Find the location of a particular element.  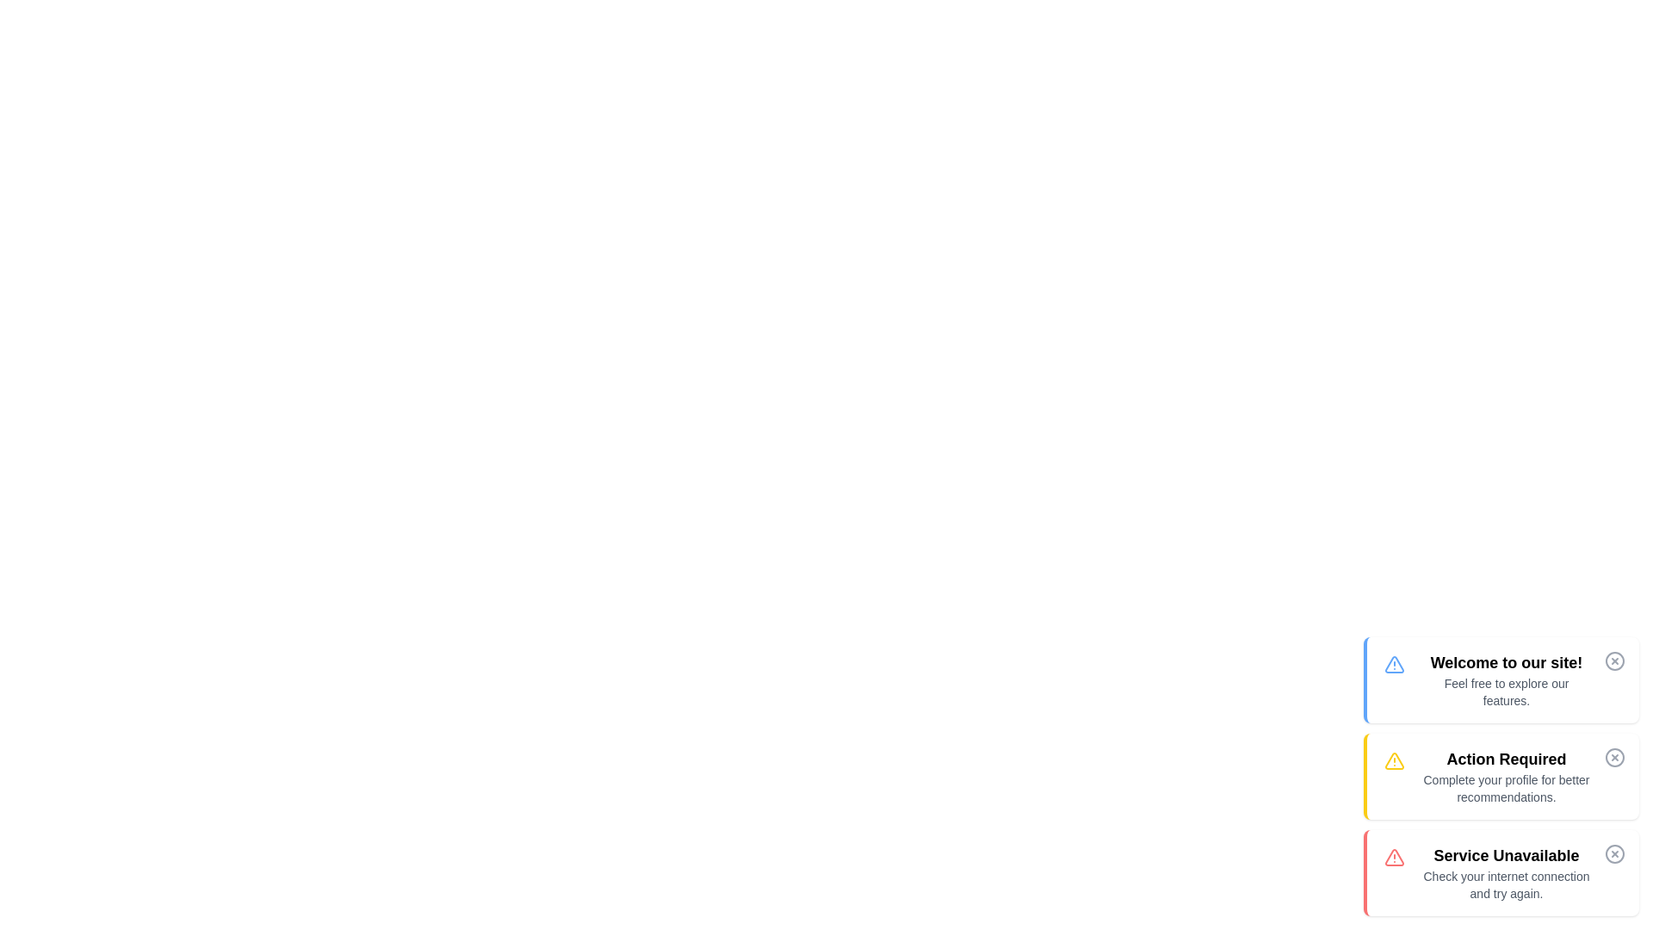

the circular graphical component styled with a distinct stroke located within the second card from the top in the SVG icon is located at coordinates (1614, 756).